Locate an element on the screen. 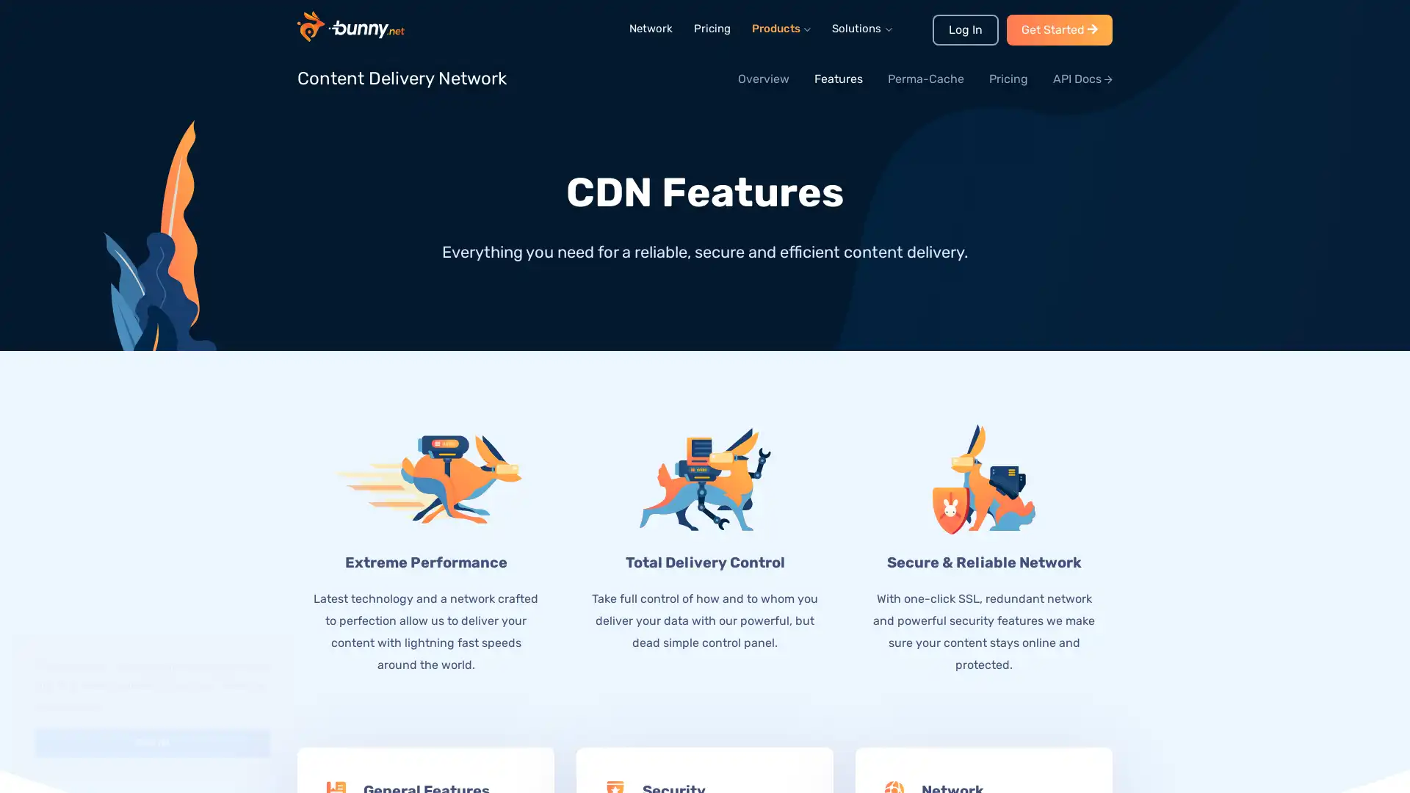 The width and height of the screenshot is (1410, 793). learn more about cookies is located at coordinates (68, 704).